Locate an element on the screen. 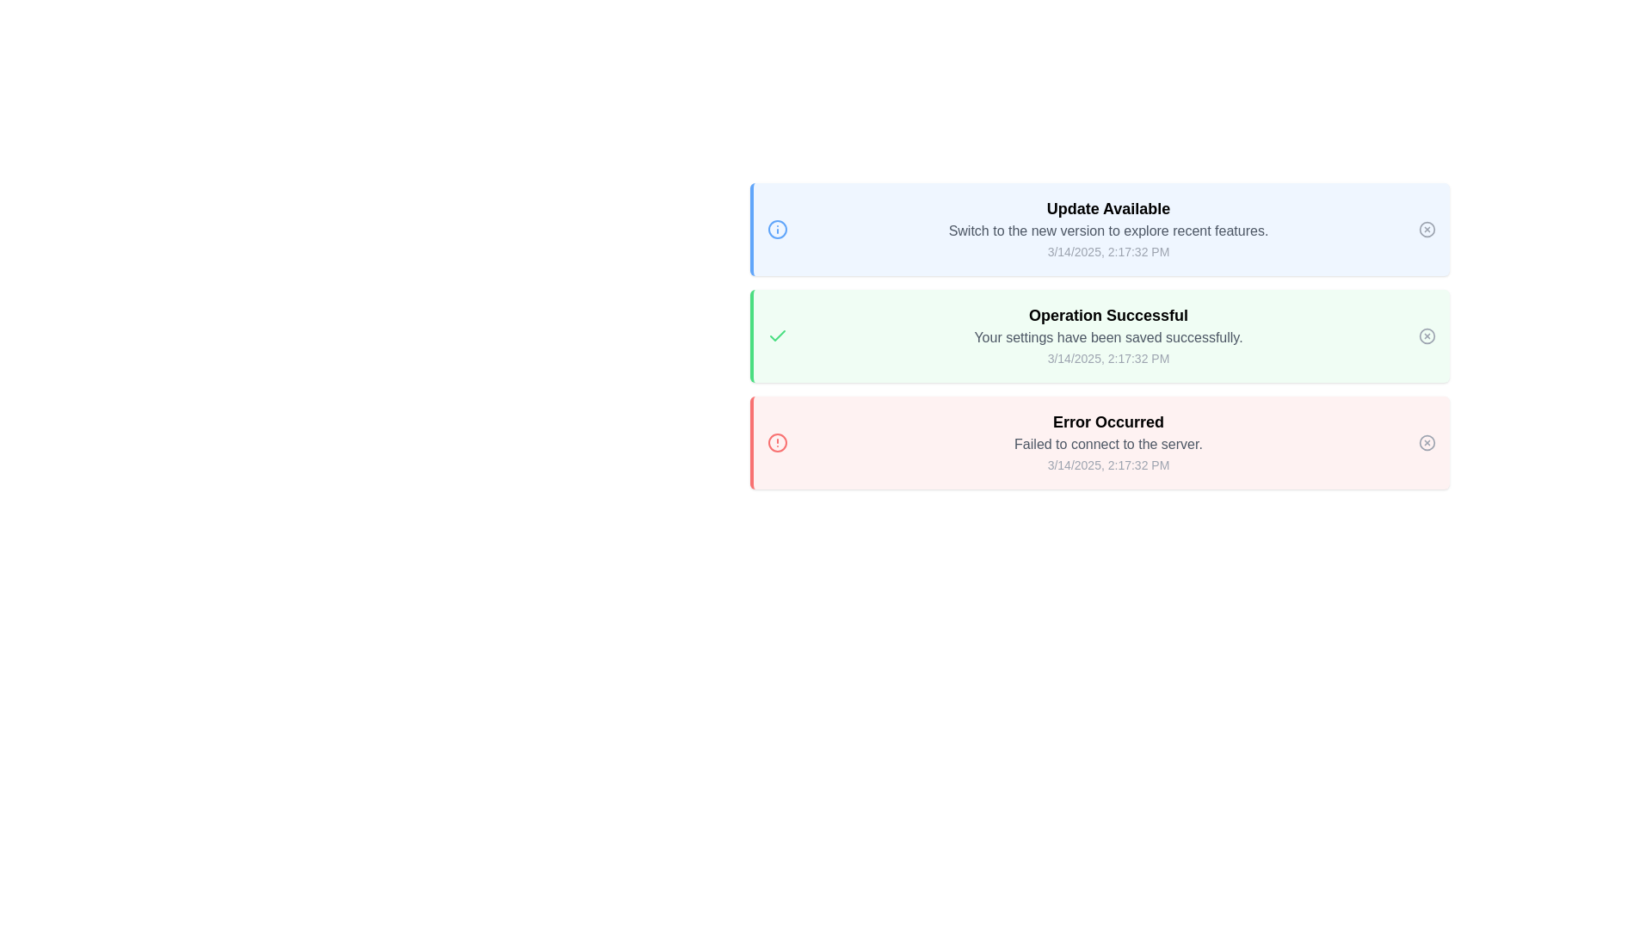 The height and width of the screenshot is (929, 1652). timestamp text displayed at the bottom of the notification box, which indicates when the notification was created or last updated is located at coordinates (1108, 252).